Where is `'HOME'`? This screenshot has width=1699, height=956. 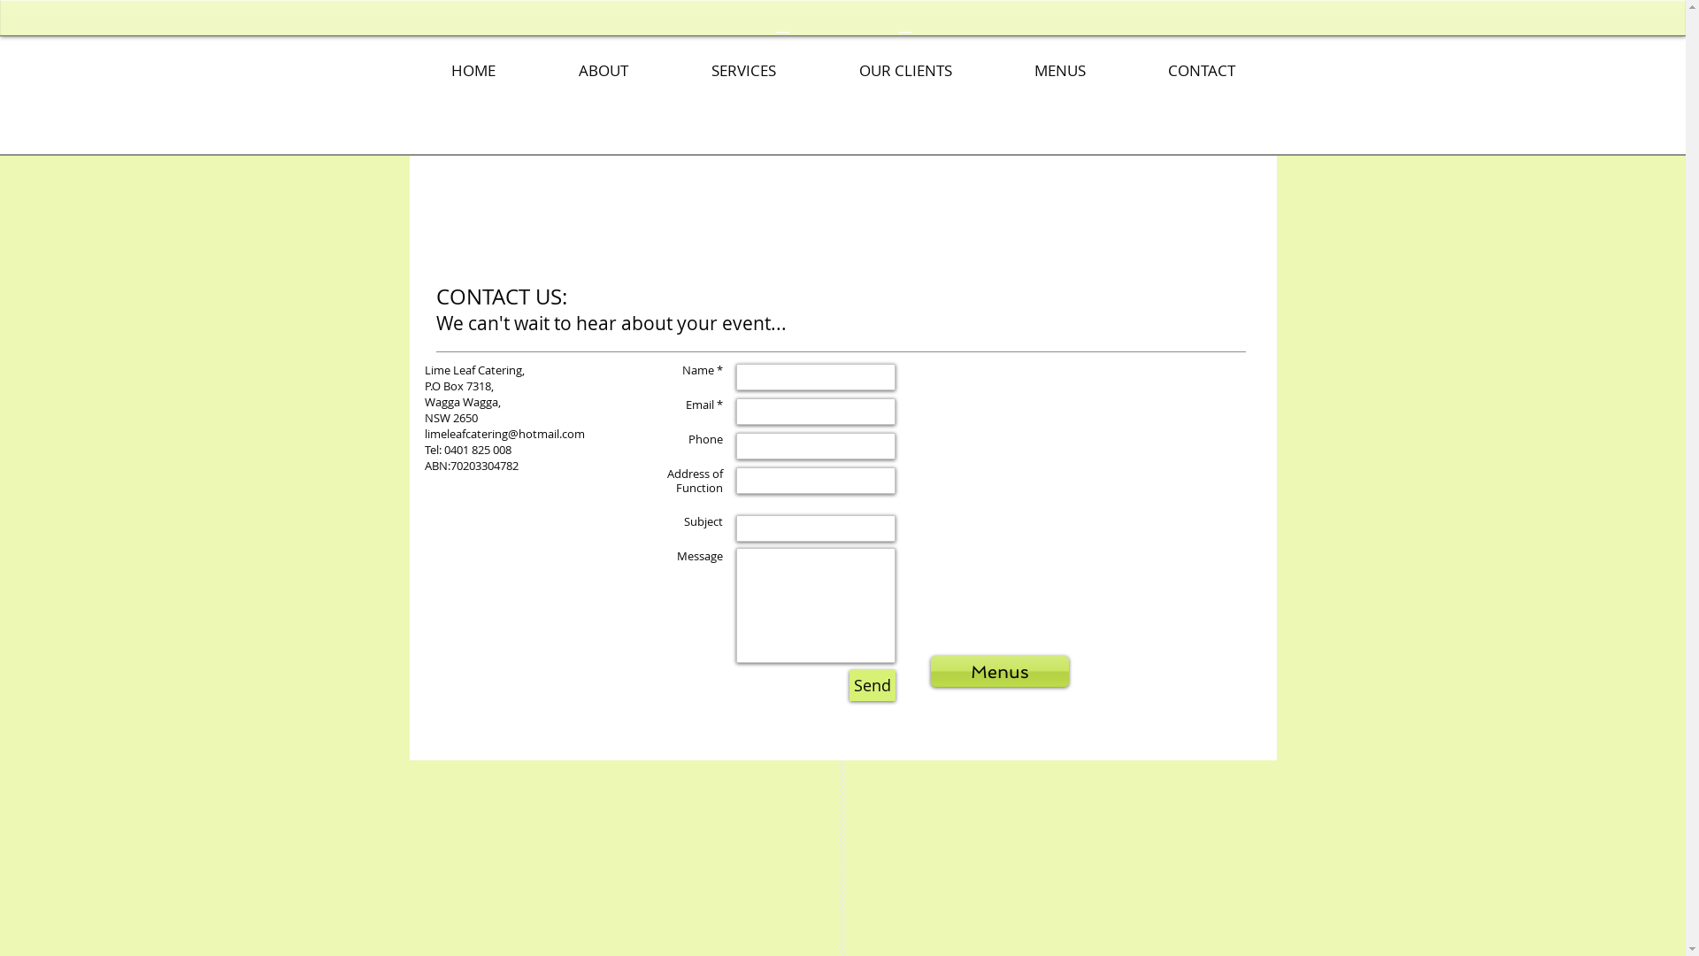
'HOME' is located at coordinates (407, 70).